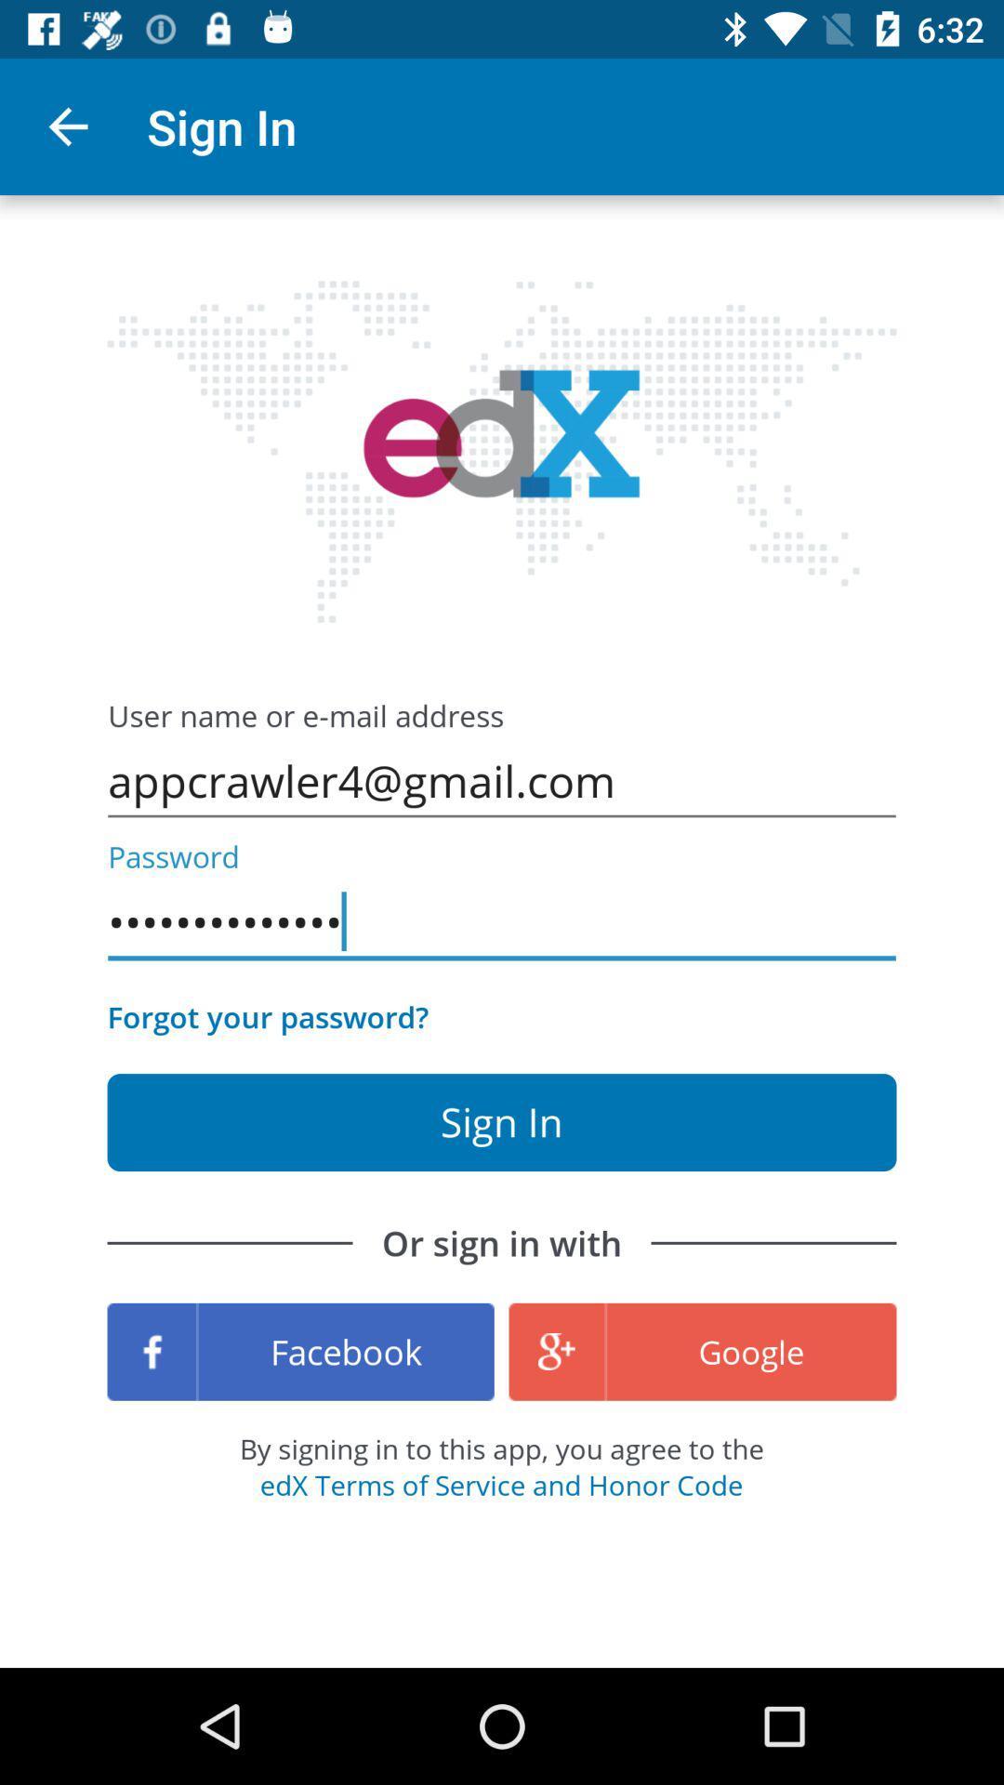 This screenshot has width=1004, height=1785. I want to click on the item above the forgot your password?, so click(502, 922).